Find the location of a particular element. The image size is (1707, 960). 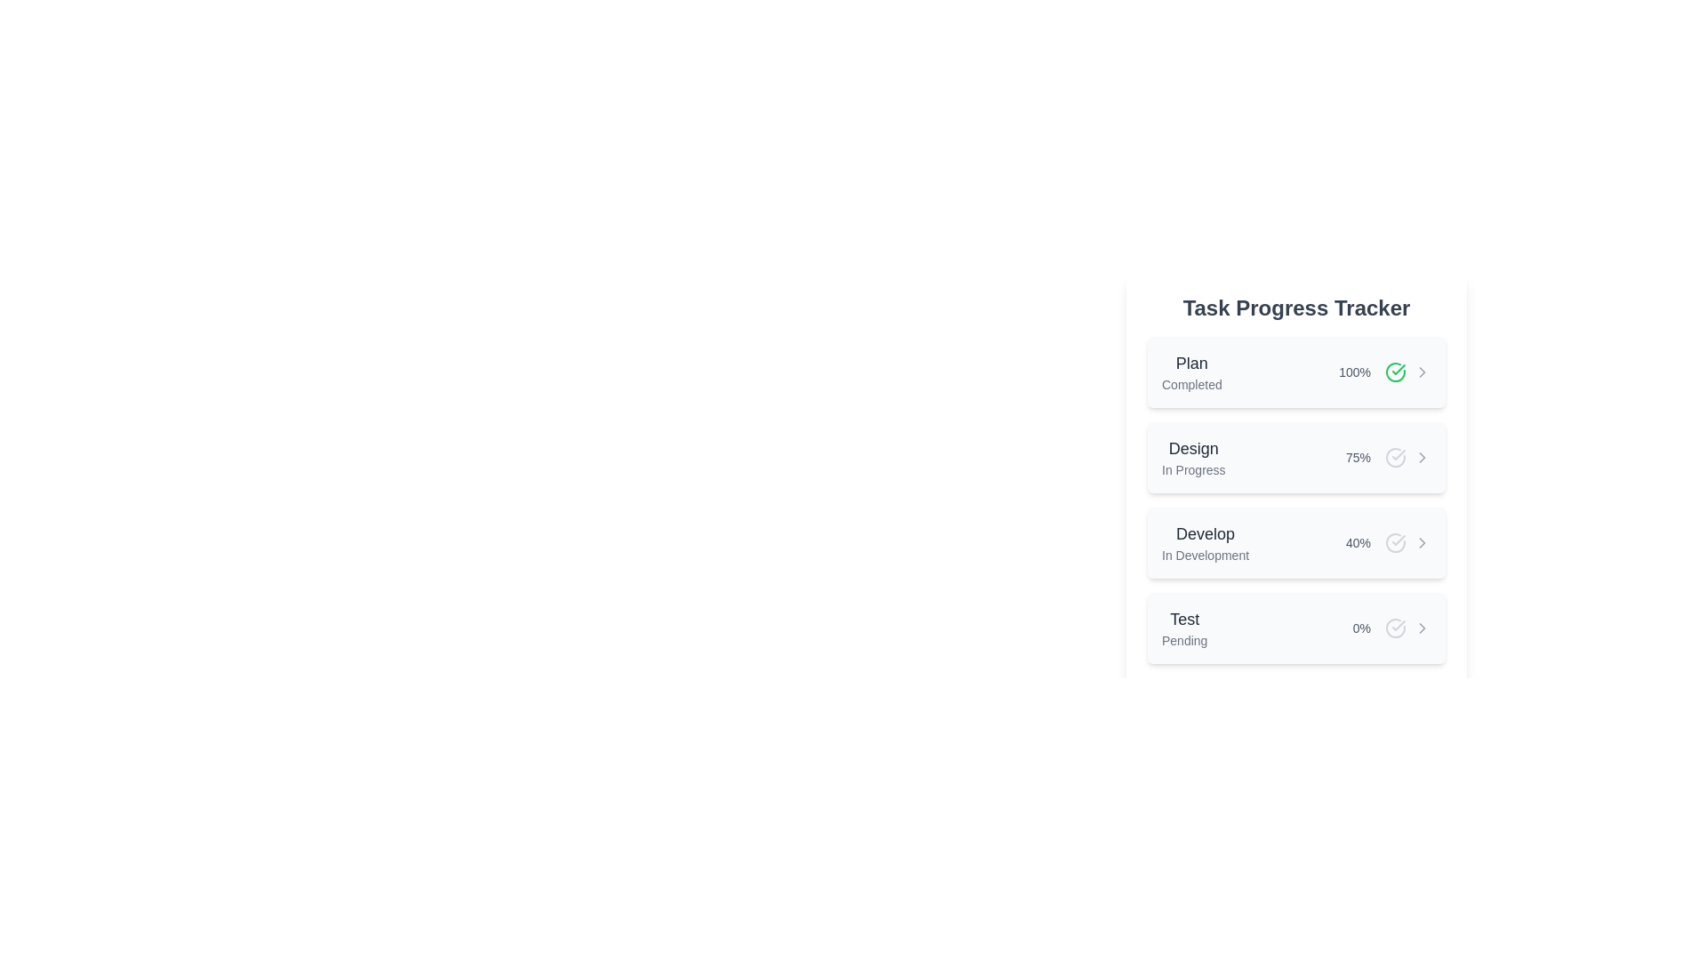

task title 'Design' and progress status 'In Progress' with progress percentage '75%' from the Informational Panel located inside the 'Task Progress Tracker' group, positioned second in the stacked layout is located at coordinates (1296, 478).